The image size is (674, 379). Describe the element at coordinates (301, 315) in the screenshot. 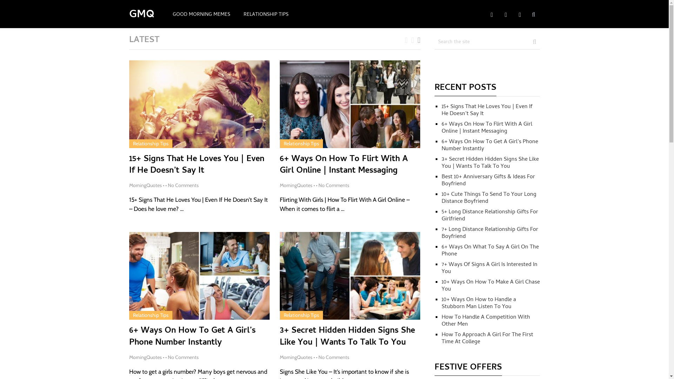

I see `'Relationship Tips'` at that location.